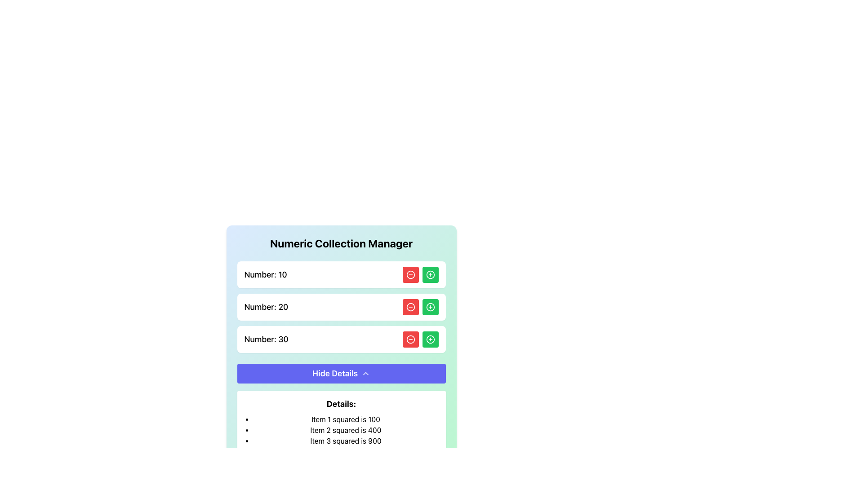  Describe the element at coordinates (345, 419) in the screenshot. I see `numerical result displayed in the first bullet-point list item under the 'Details:' section, which shows the square of the number 10` at that location.